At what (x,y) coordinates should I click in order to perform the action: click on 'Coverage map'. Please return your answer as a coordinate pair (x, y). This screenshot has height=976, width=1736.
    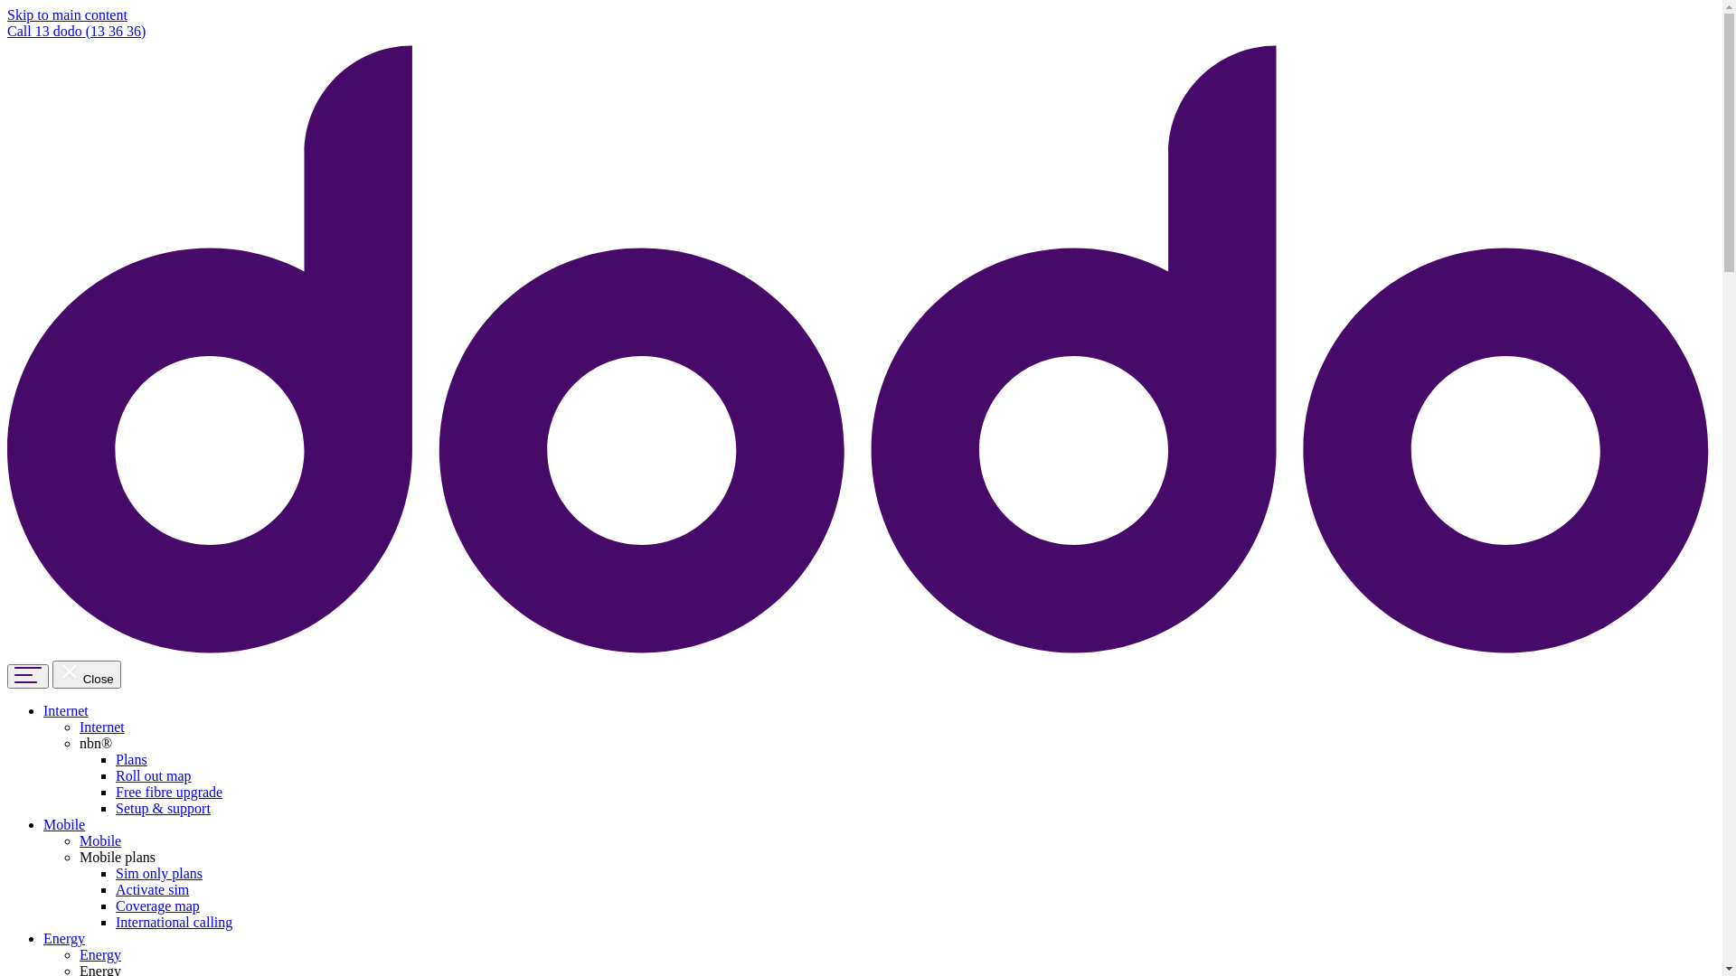
    Looking at the image, I should click on (157, 906).